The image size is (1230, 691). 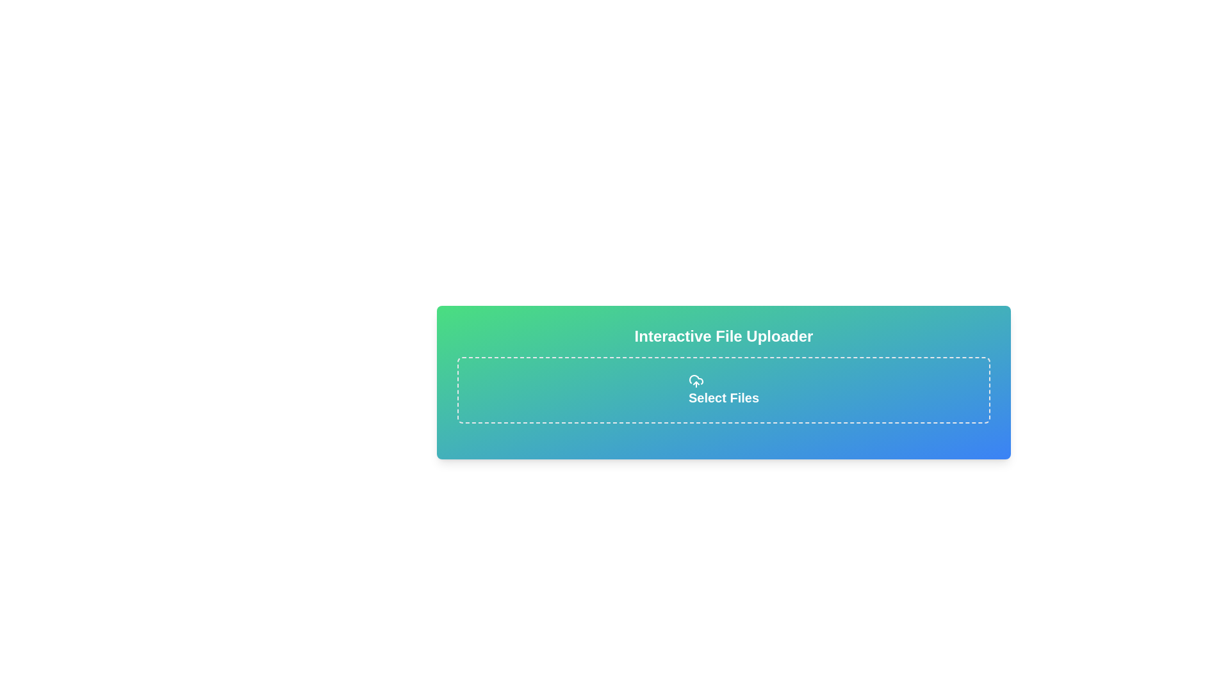 I want to click on the file upload icon located above the 'Select Files' text, so click(x=695, y=381).